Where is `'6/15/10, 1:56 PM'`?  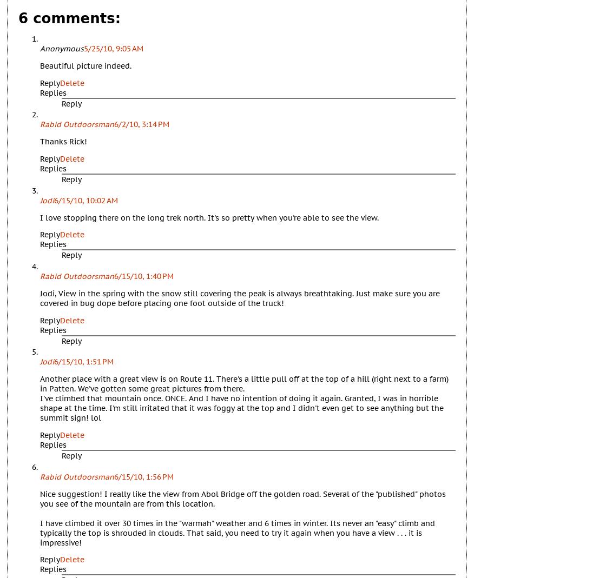 '6/15/10, 1:56 PM' is located at coordinates (144, 475).